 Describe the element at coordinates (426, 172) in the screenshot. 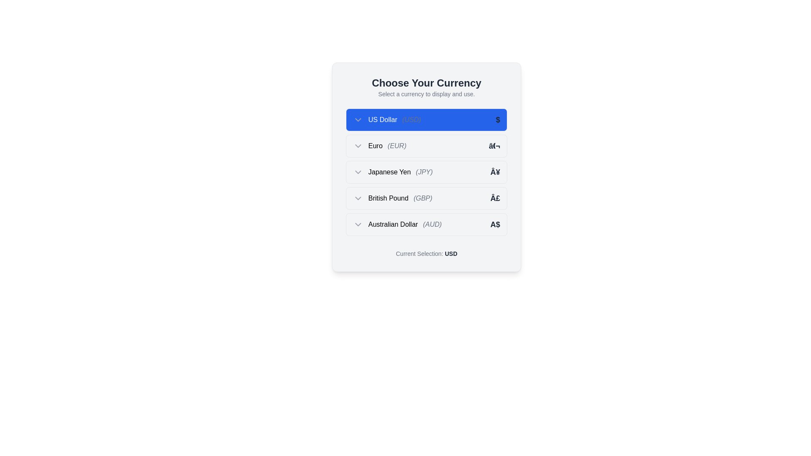

I see `the List item displaying 'Japanese Yen (JPY)' with the symbol '¥' in a dropdown menu` at that location.